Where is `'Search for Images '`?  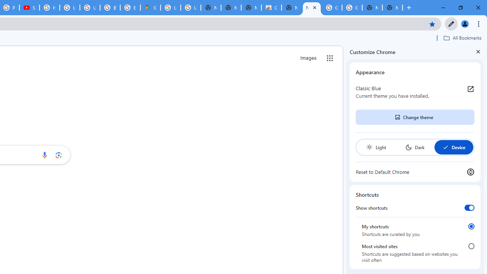 'Search for Images ' is located at coordinates (308, 58).